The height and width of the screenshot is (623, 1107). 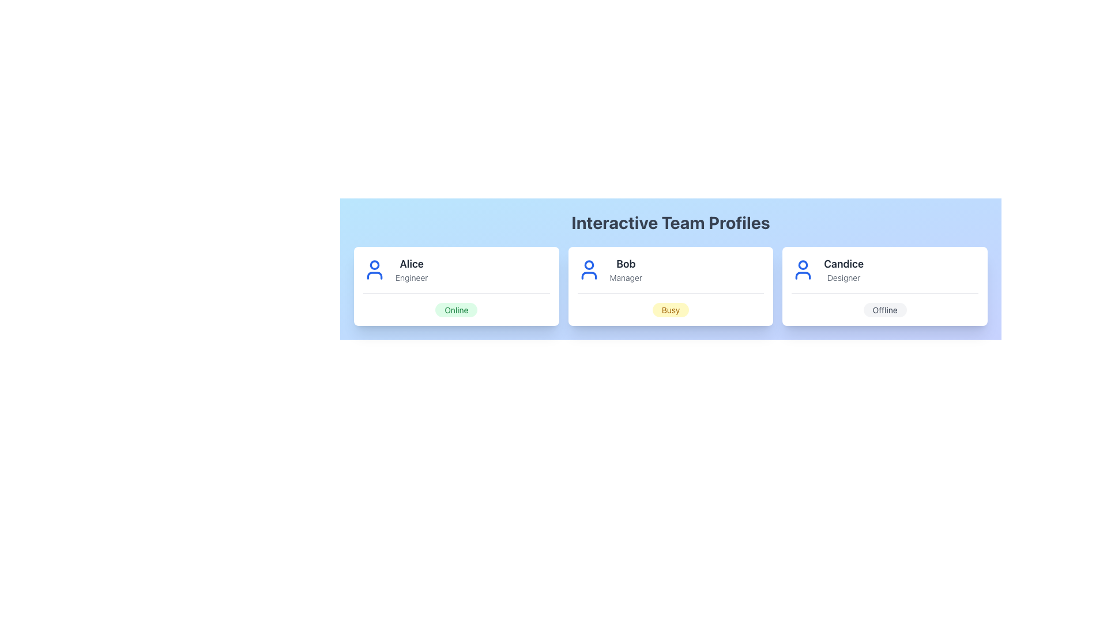 I want to click on the structured user information component that presents details for 'Candice', the 'Designer', so click(x=884, y=275).